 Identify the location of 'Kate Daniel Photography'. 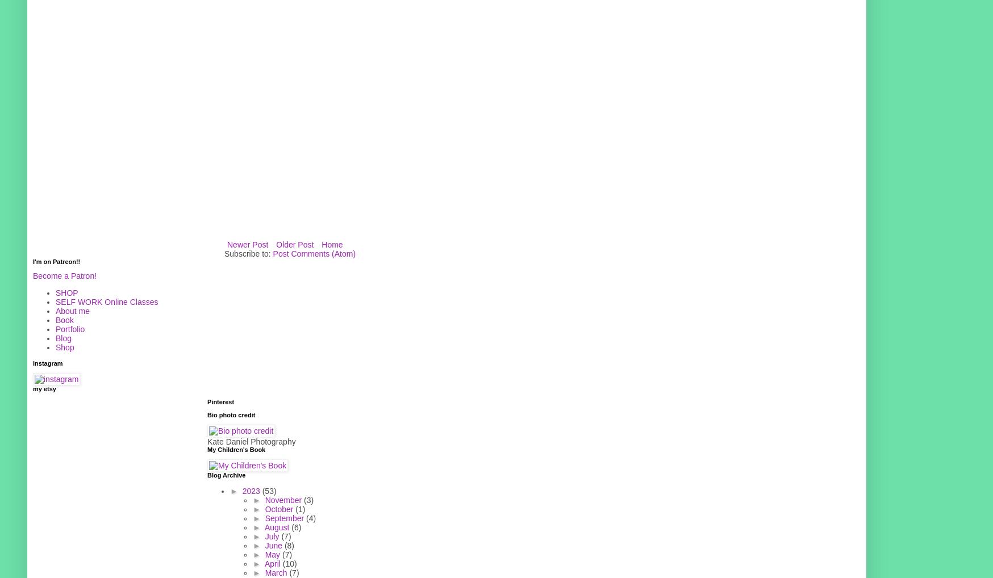
(251, 441).